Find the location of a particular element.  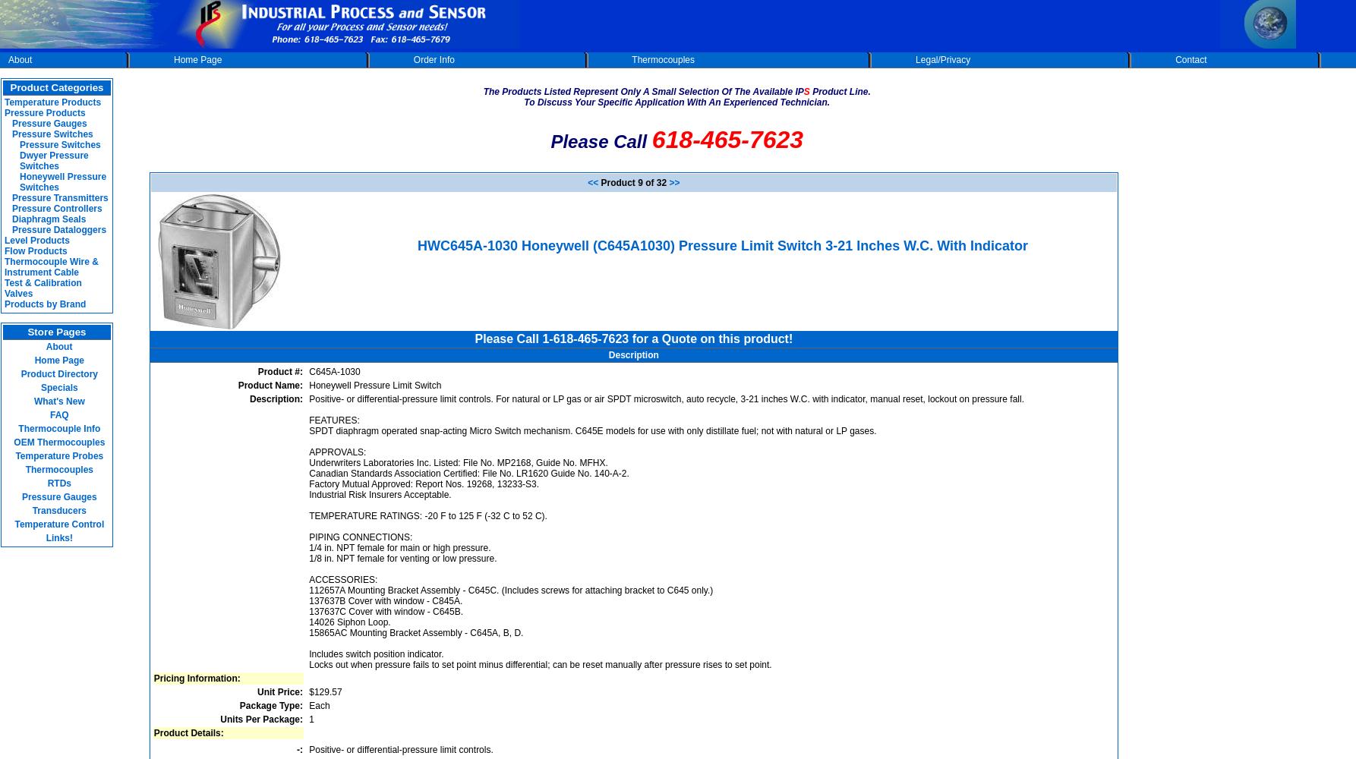

'1/4 in. NPT female for main or high pressure.' is located at coordinates (399, 546).